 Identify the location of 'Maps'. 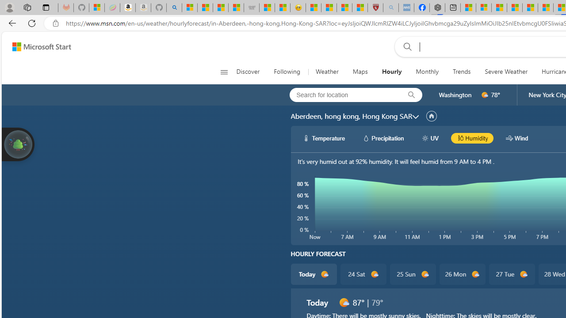
(360, 72).